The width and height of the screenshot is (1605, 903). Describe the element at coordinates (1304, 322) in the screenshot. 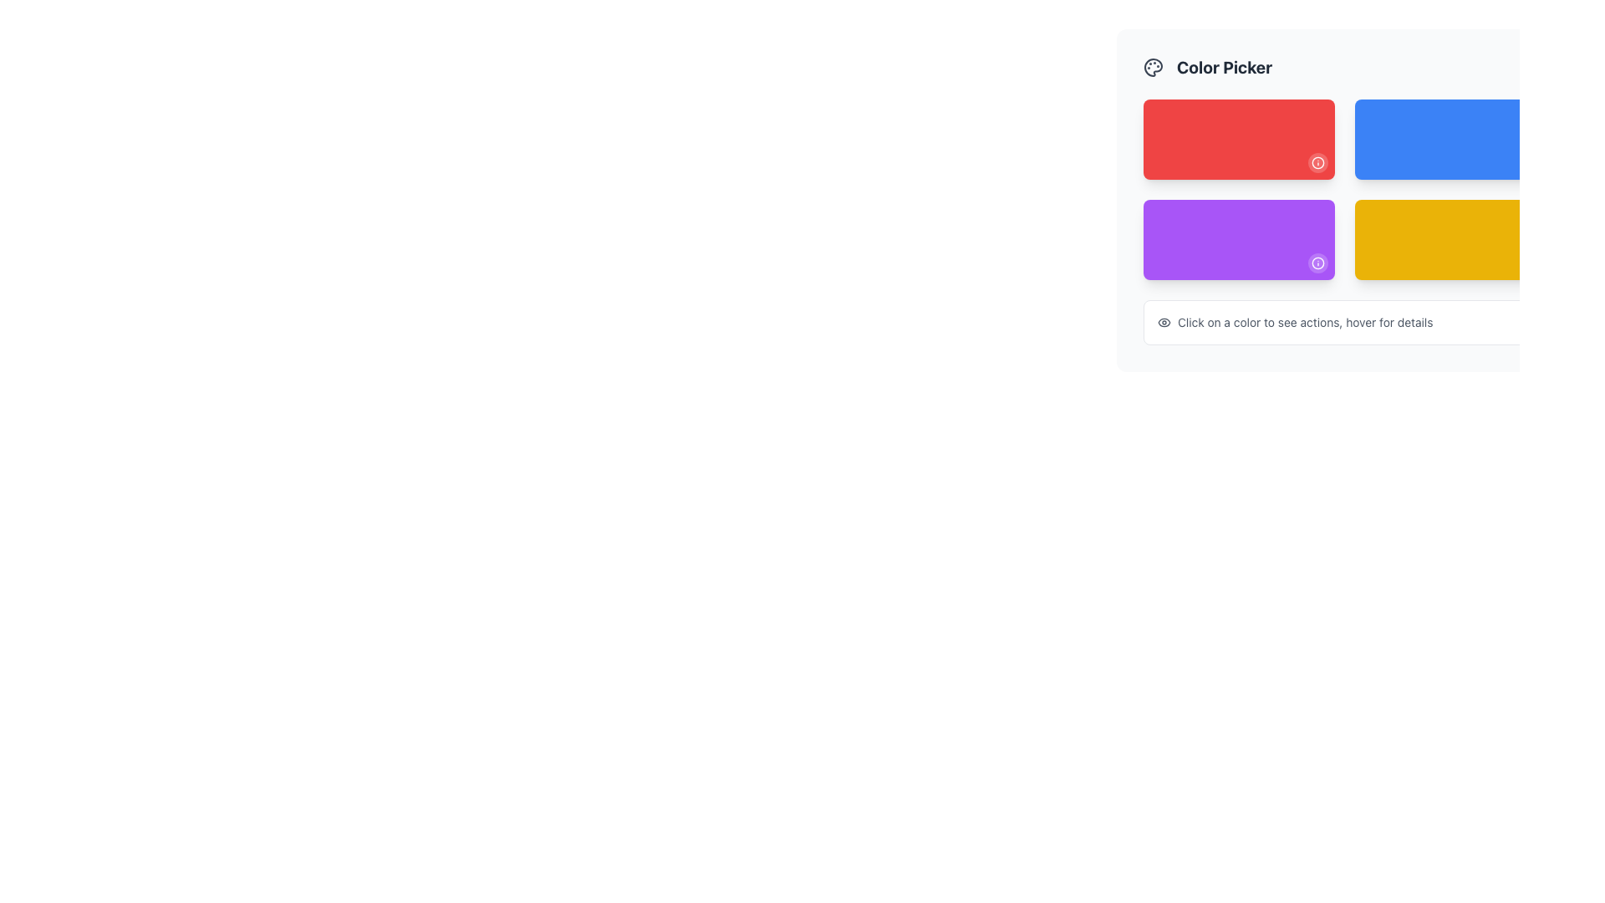

I see `the instructional text label that instructs users on interaction methods for the colored boxes above it` at that location.